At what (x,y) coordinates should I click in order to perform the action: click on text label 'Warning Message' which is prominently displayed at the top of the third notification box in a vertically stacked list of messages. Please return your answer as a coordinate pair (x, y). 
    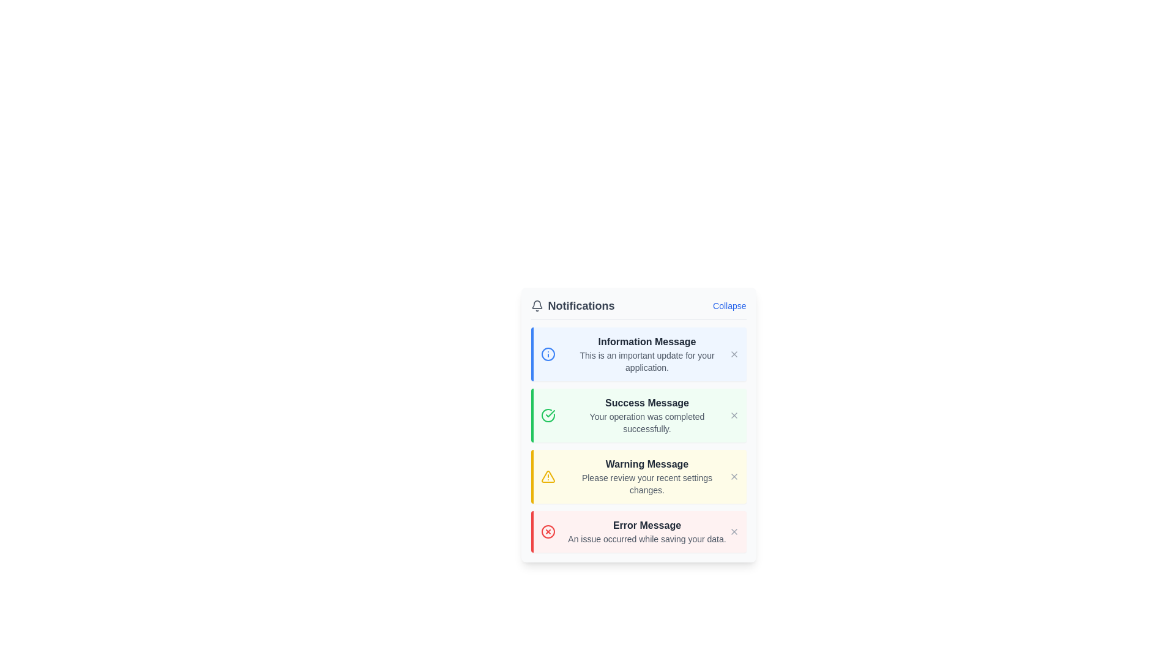
    Looking at the image, I should click on (646, 465).